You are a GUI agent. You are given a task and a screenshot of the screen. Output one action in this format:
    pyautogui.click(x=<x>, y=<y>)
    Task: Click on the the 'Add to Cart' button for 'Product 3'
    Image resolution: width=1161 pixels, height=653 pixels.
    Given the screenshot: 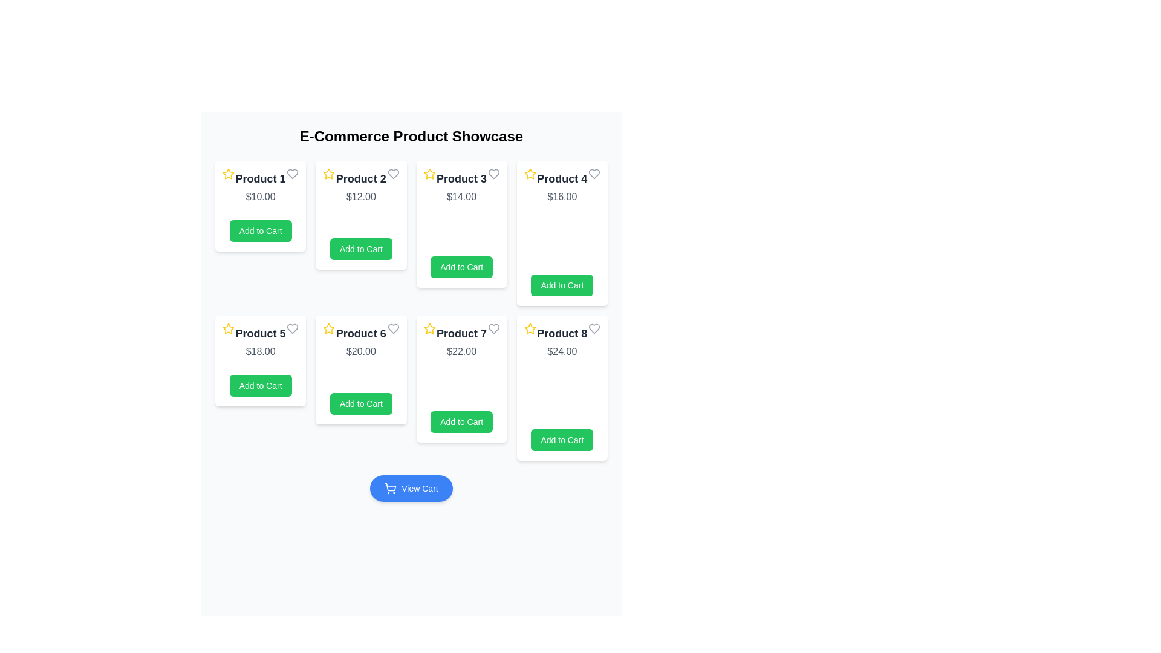 What is the action you would take?
    pyautogui.click(x=461, y=267)
    